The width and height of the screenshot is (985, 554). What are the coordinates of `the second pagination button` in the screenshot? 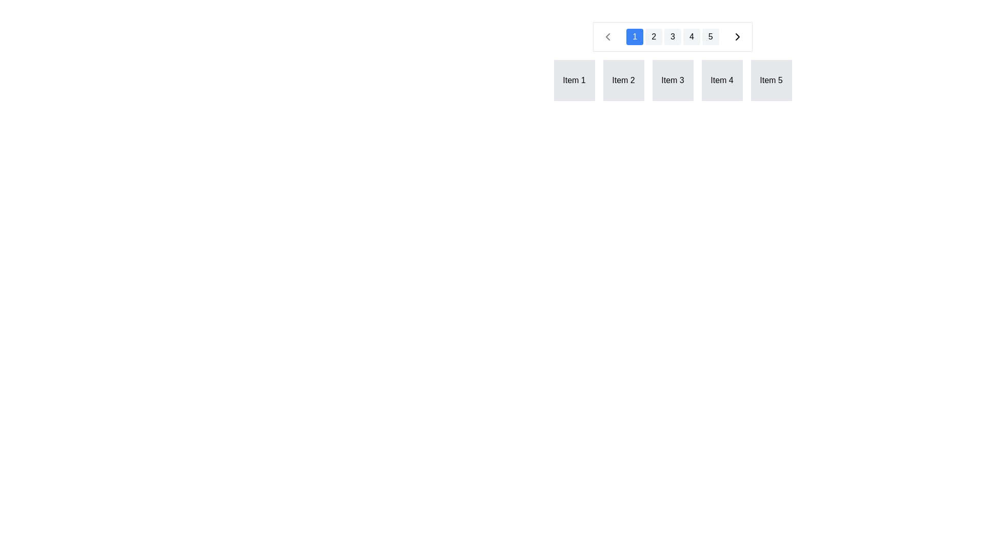 It's located at (653, 36).